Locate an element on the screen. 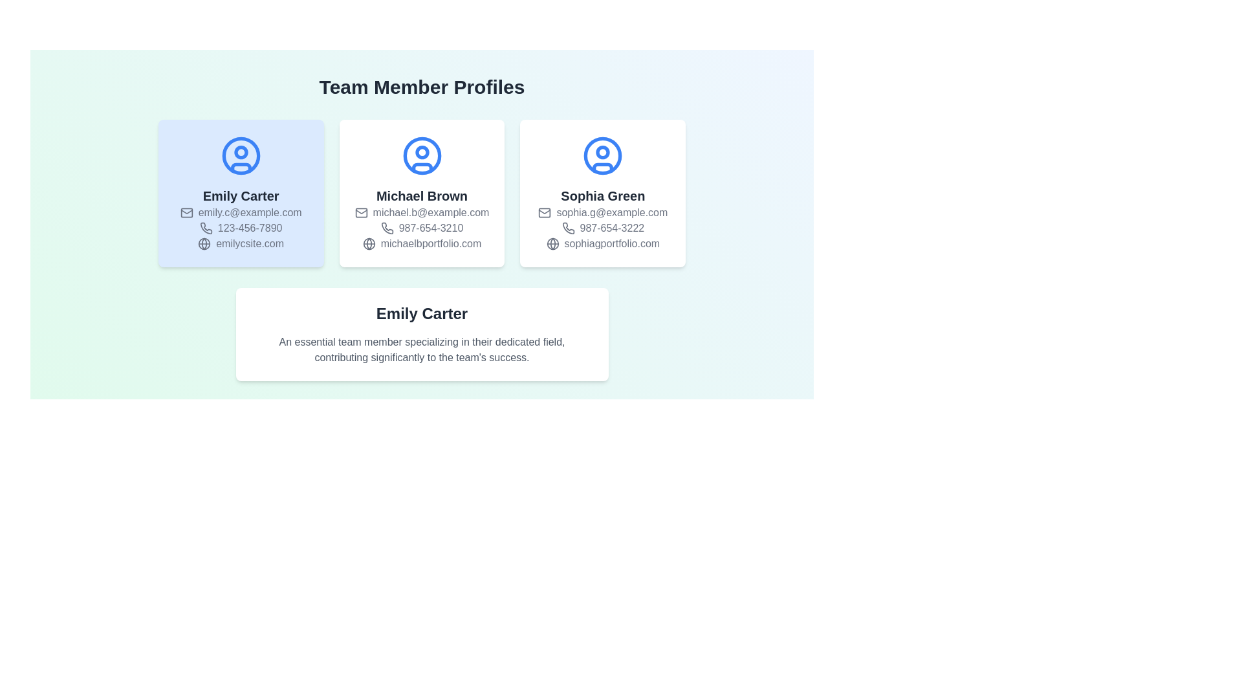 Image resolution: width=1242 pixels, height=699 pixels. the icon representing the website 'michaelbportfolio.com' located within the profile card of 'Michael Brown' to follow the associated link is located at coordinates (368, 244).